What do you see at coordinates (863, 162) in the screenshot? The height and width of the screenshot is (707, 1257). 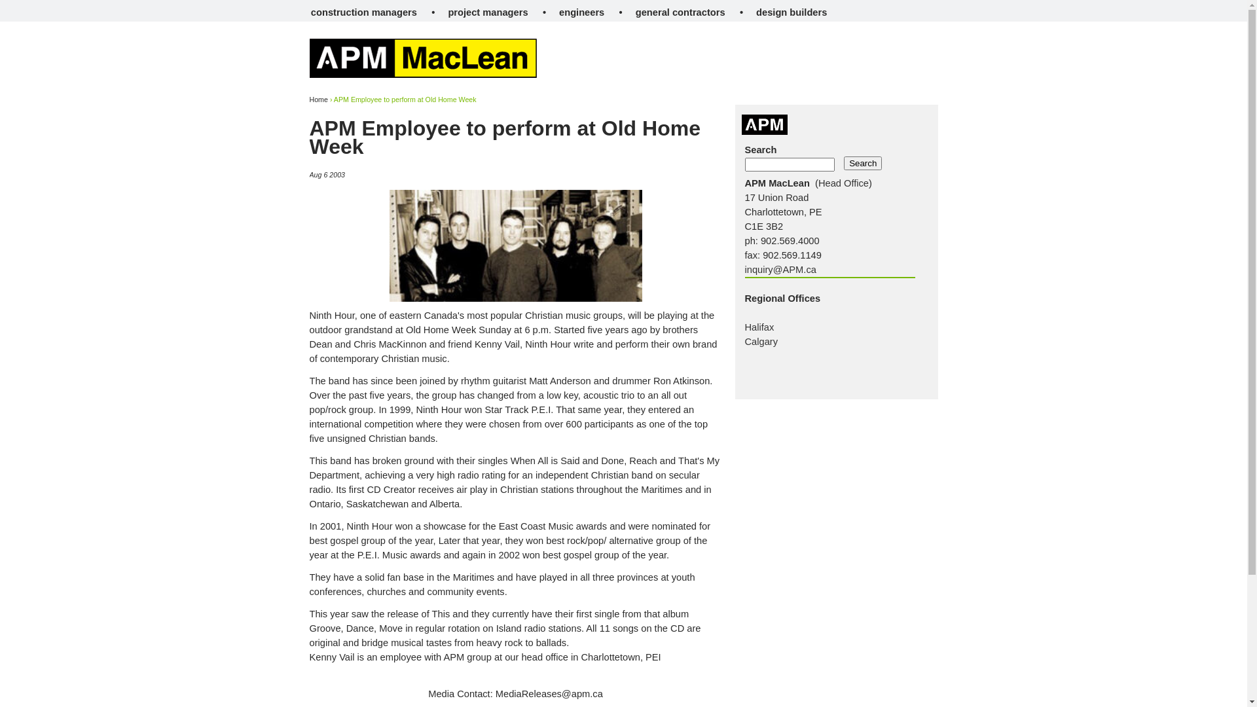 I see `'Search'` at bounding box center [863, 162].